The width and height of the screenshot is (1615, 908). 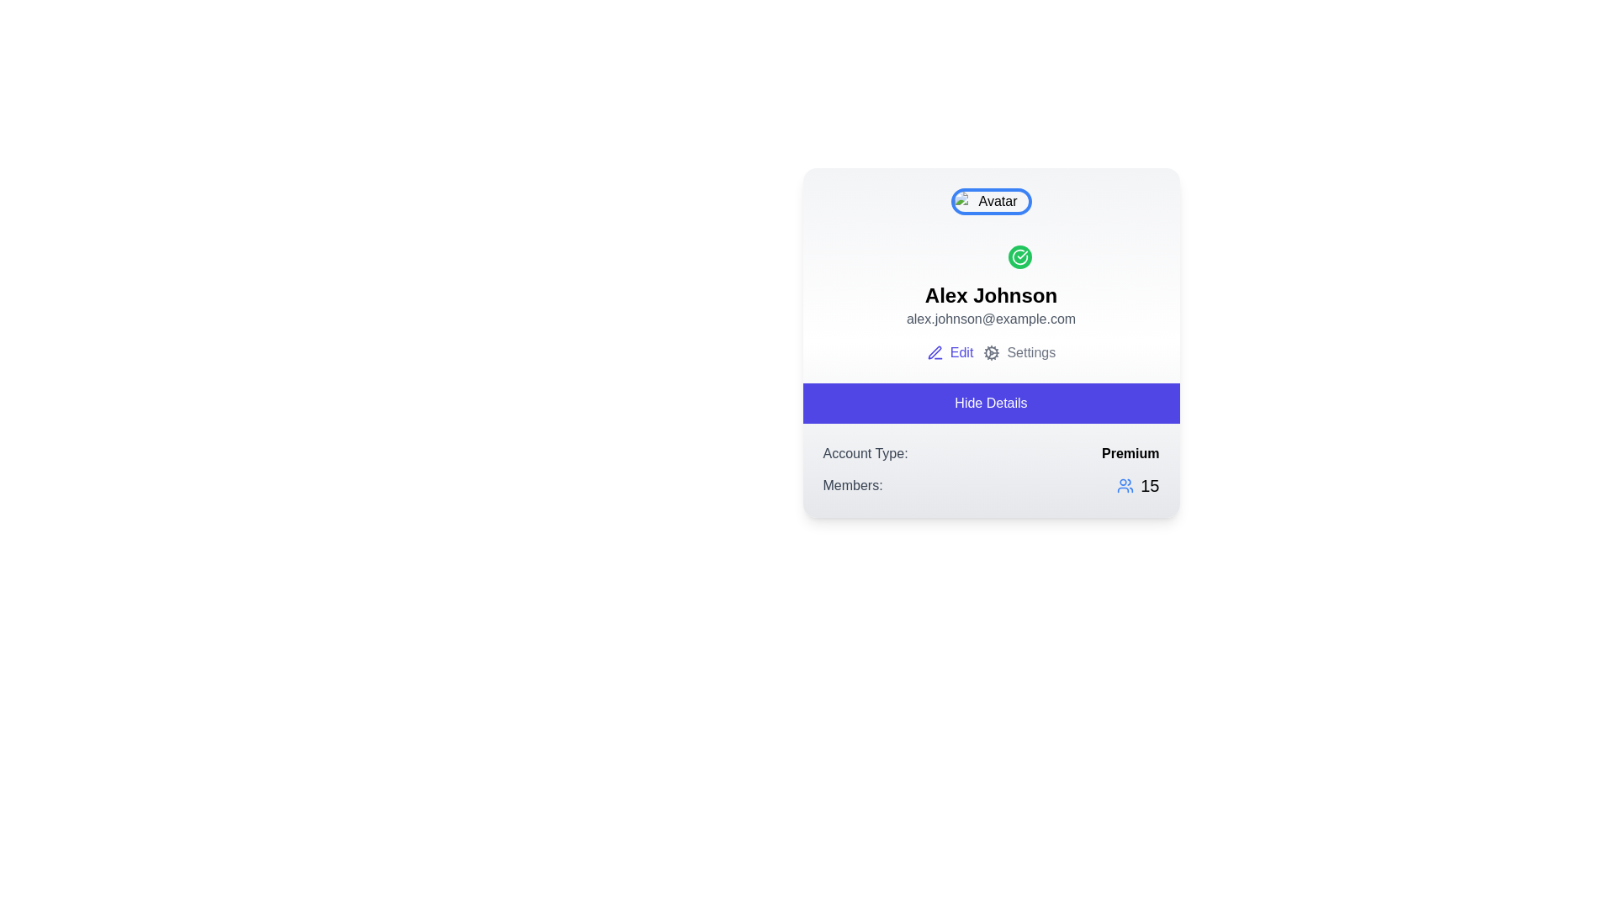 I want to click on the Information display area containing 'Account Type: Premium' and 'Members: 15' below the 'Hide Details' button, so click(x=991, y=470).